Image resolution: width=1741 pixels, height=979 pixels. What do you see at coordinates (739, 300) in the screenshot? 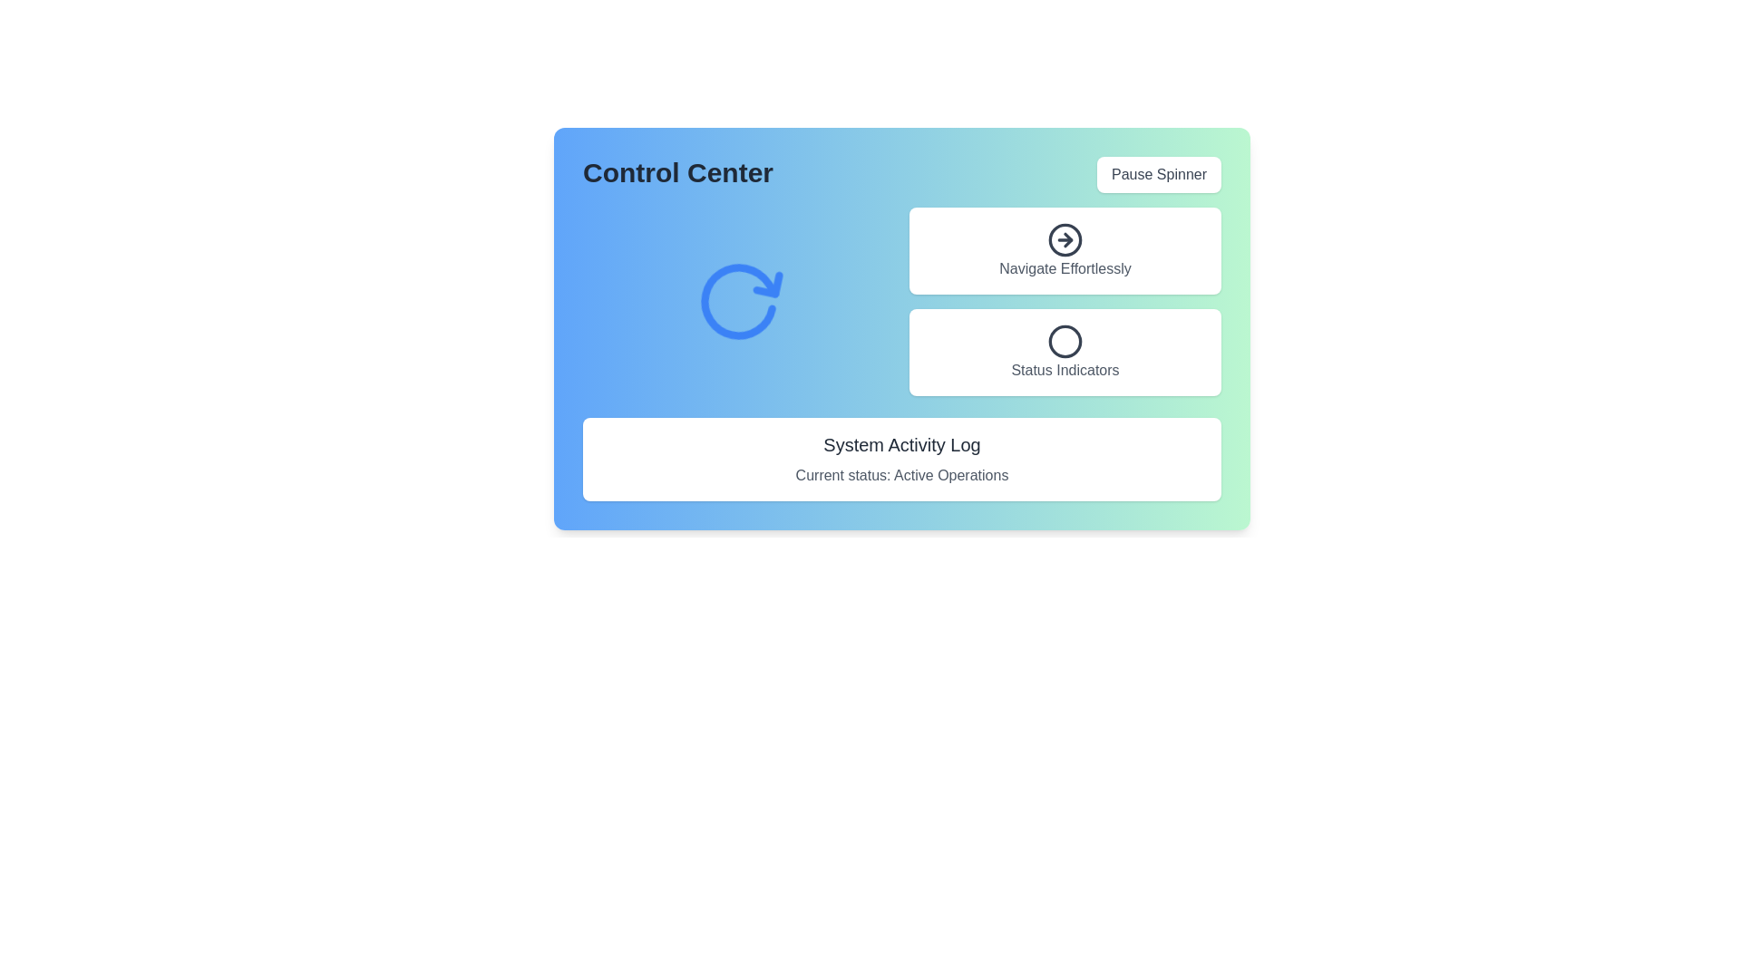
I see `the animation of the circular blue arrow icon located in the Control Center interface, positioned to the left of the 'Navigate Effortlessly' and 'Status Indicators' elements` at bounding box center [739, 300].